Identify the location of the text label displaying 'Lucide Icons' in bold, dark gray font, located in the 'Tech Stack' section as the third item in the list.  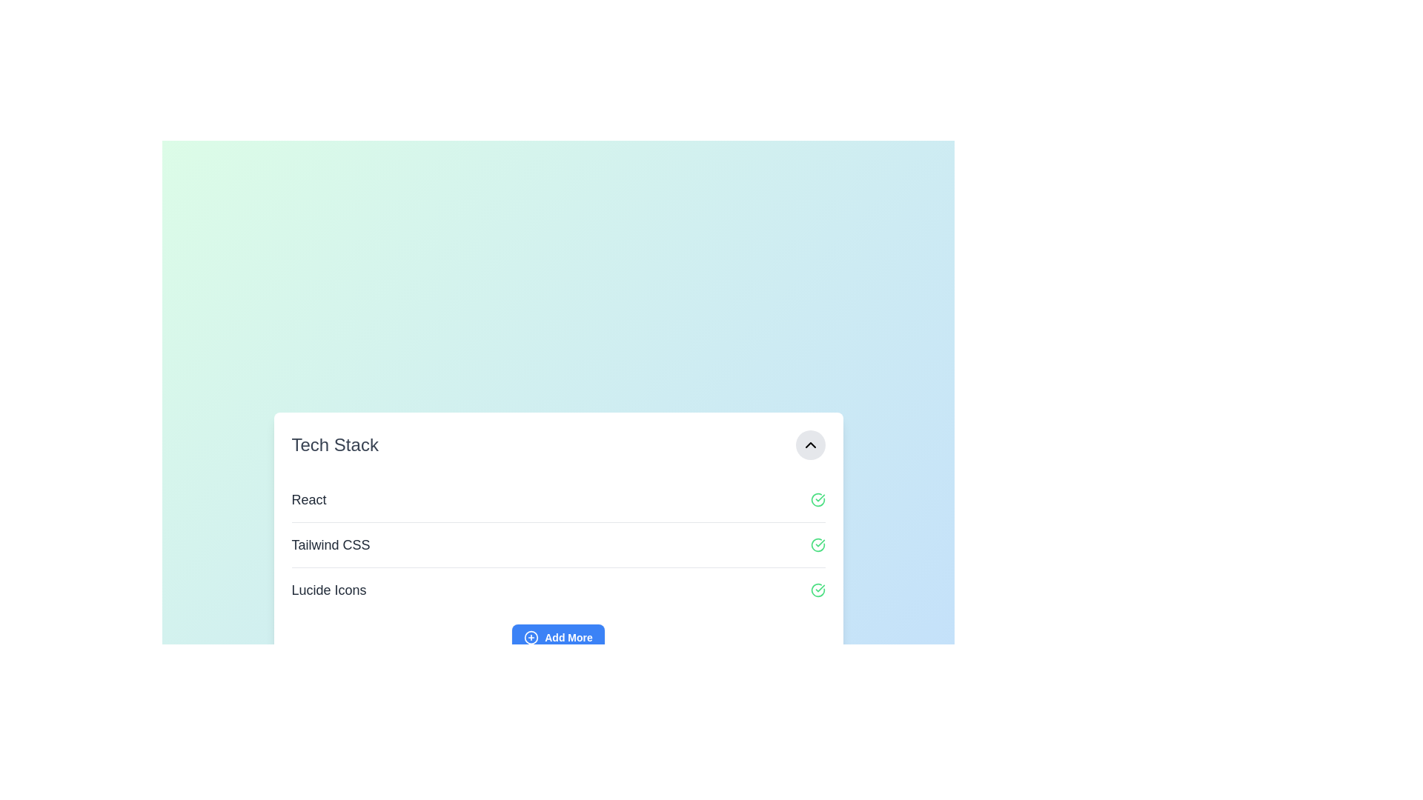
(328, 590).